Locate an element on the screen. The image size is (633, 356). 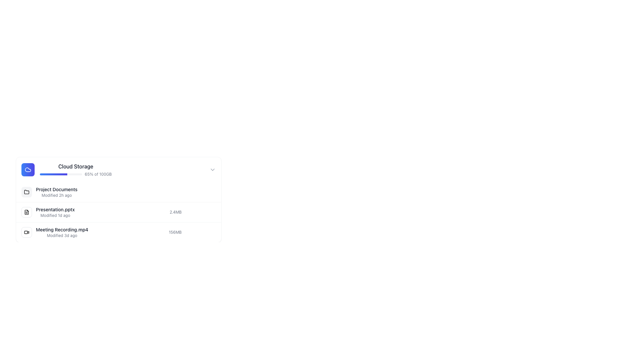
the File entry item labeled 'Meeting Recording.mp4' is located at coordinates (55, 232).